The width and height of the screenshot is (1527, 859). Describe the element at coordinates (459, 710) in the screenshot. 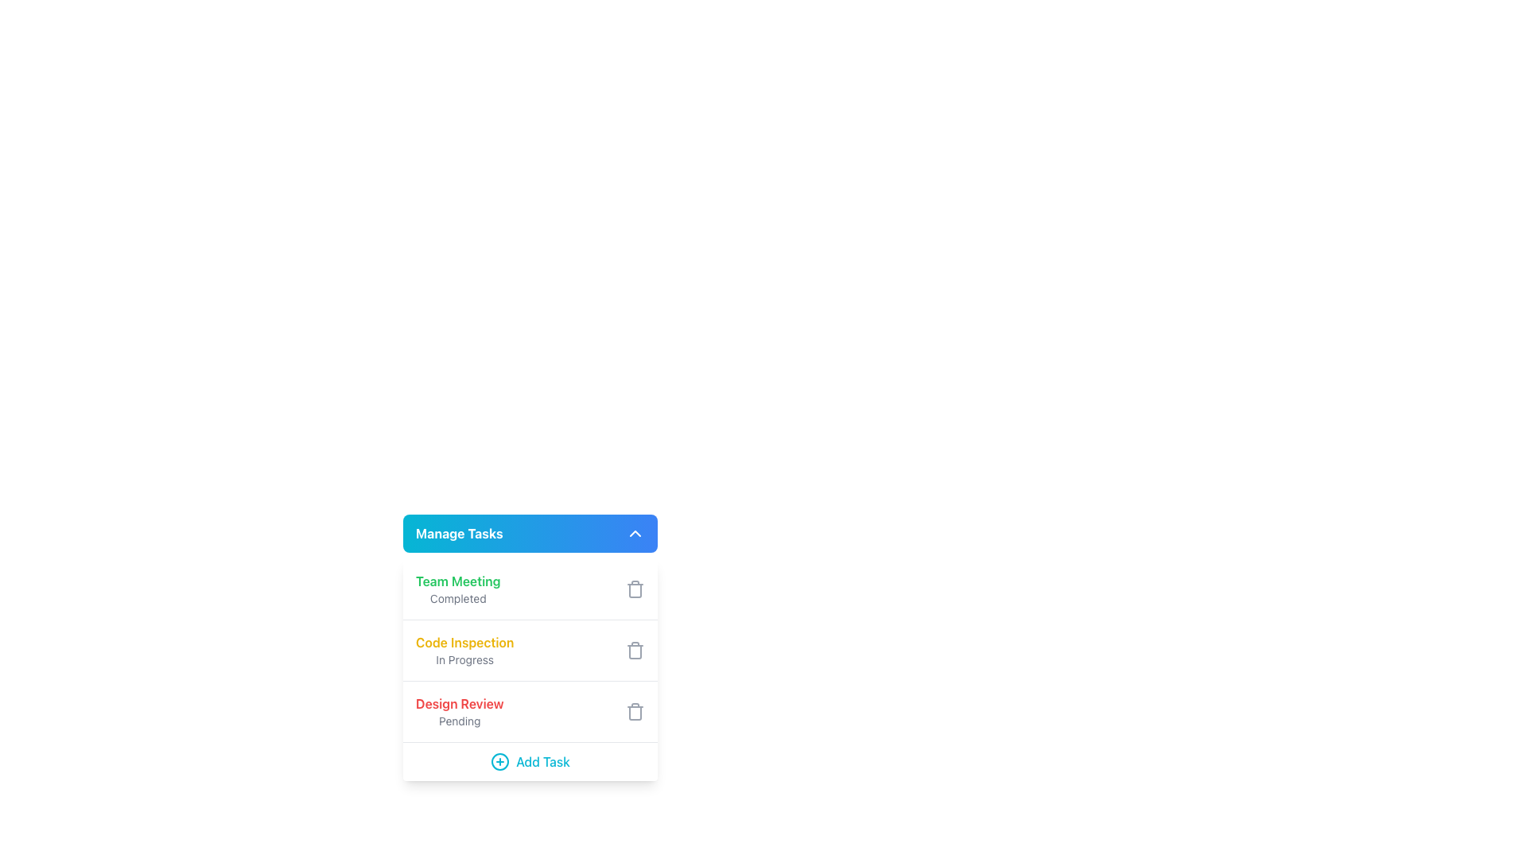

I see `the text display element that shows 'Design Review' in bold red and 'Pending' in smaller gray text, located in the third row of tasks under the blue header 'Manage Tasks'` at that location.